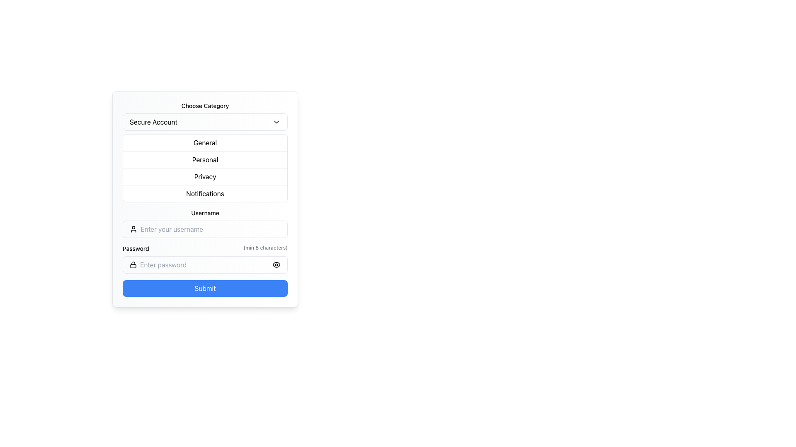 The height and width of the screenshot is (447, 796). Describe the element at coordinates (205, 288) in the screenshot. I see `the blue rectangular 'Submit' button at the bottom of the form` at that location.